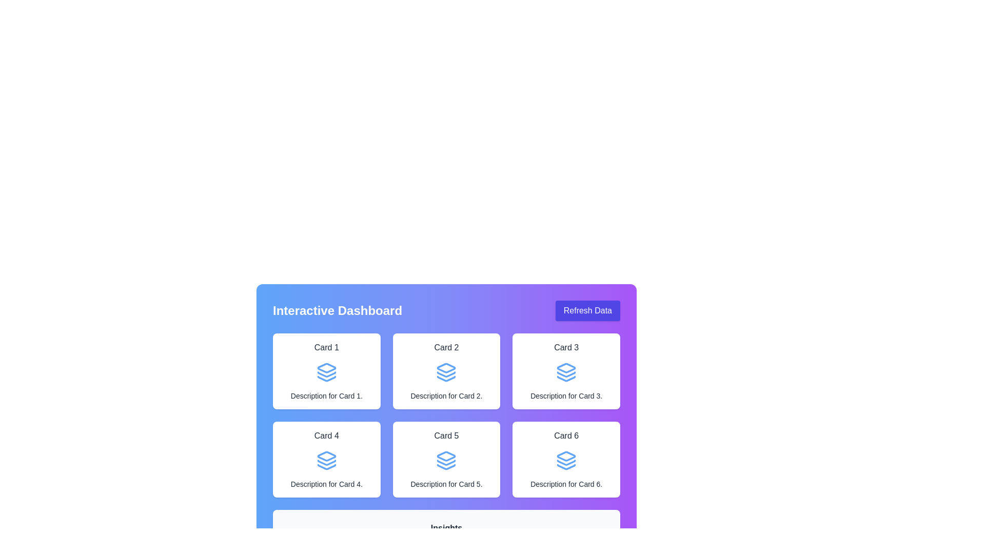 The image size is (985, 554). Describe the element at coordinates (446, 467) in the screenshot. I see `the third layer of the icon representing a stack of layers within the SVG graphic on 'Card 5'` at that location.